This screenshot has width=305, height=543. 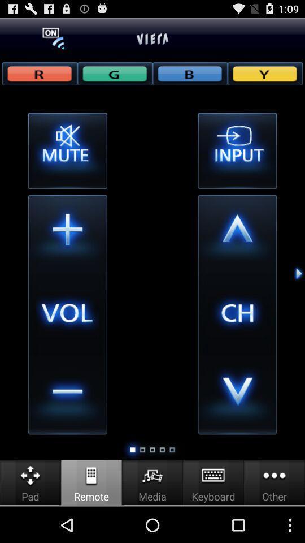 I want to click on the option remote icon on right side of pad icon, so click(x=91, y=475).